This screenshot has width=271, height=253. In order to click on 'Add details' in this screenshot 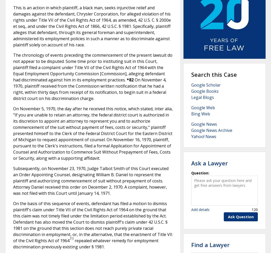, I will do `click(200, 209)`.